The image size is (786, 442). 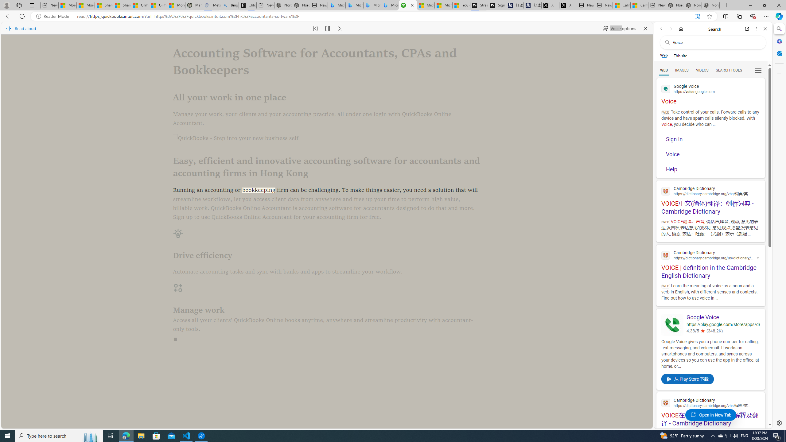 I want to click on 'Search the web', so click(x=716, y=42).